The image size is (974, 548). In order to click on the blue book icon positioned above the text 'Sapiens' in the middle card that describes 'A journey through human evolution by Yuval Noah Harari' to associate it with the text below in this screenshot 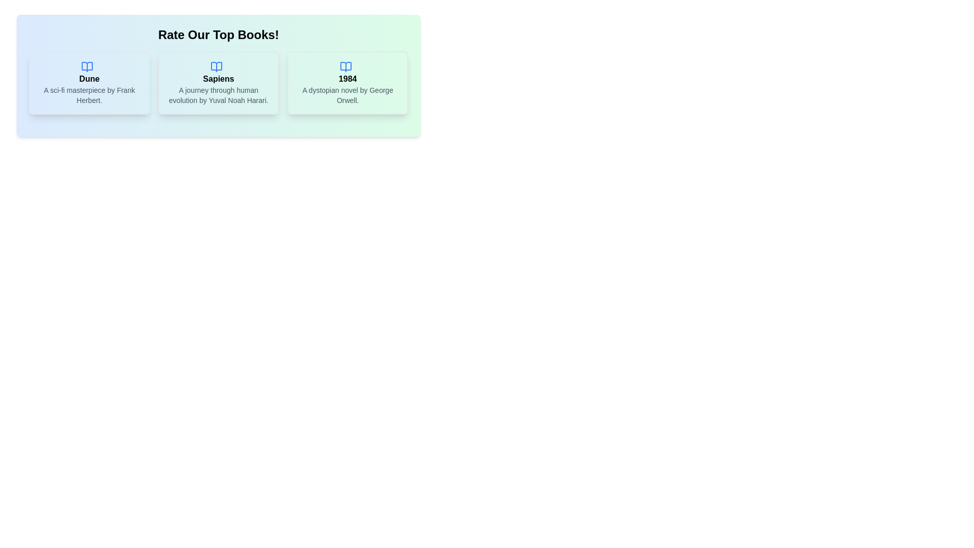, I will do `click(216, 66)`.